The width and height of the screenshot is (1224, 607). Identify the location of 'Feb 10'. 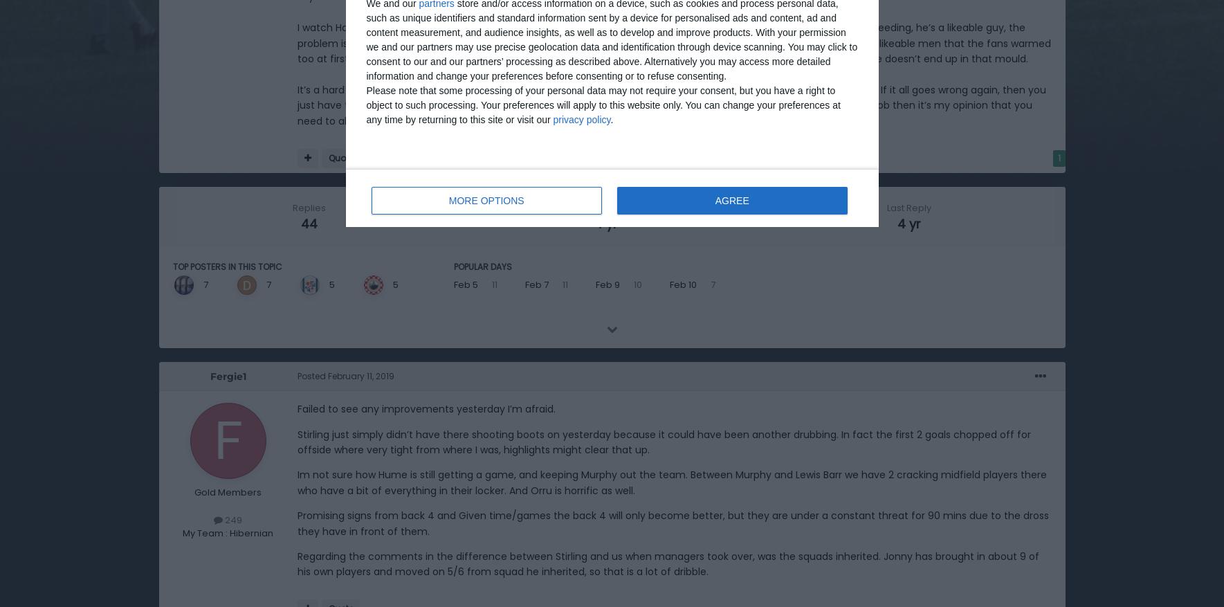
(668, 284).